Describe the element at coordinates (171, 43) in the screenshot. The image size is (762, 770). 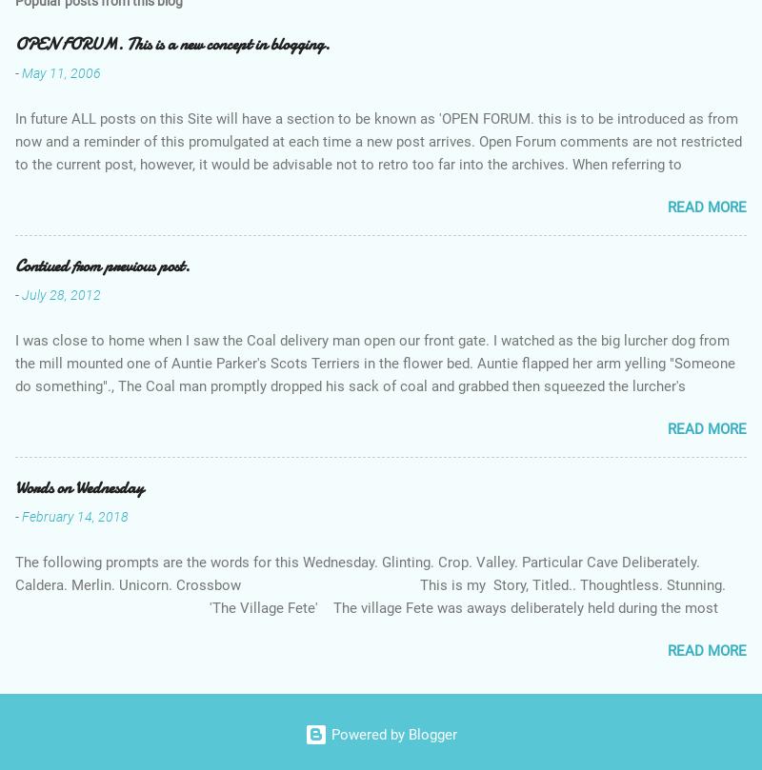
I see `'OPEN FORUM. This is a new concept in blogging.'` at that location.